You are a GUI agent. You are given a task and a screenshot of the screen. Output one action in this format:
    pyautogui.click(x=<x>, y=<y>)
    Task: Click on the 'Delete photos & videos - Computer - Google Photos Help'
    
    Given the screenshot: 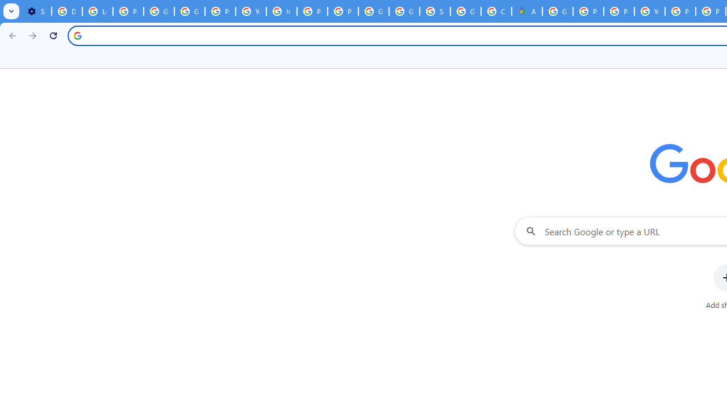 What is the action you would take?
    pyautogui.click(x=66, y=11)
    